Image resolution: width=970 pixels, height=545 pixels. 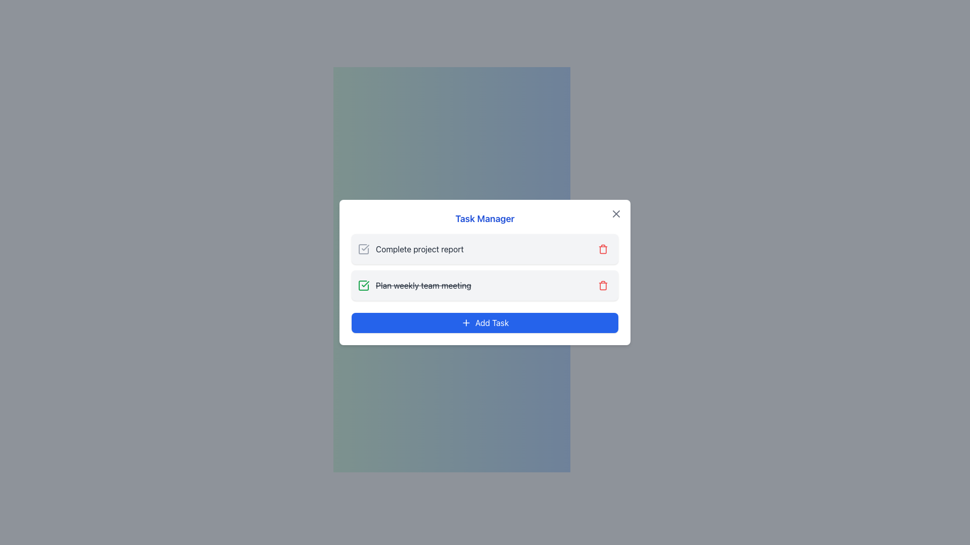 What do you see at coordinates (485, 249) in the screenshot?
I see `the first task item in the Task Manager section` at bounding box center [485, 249].